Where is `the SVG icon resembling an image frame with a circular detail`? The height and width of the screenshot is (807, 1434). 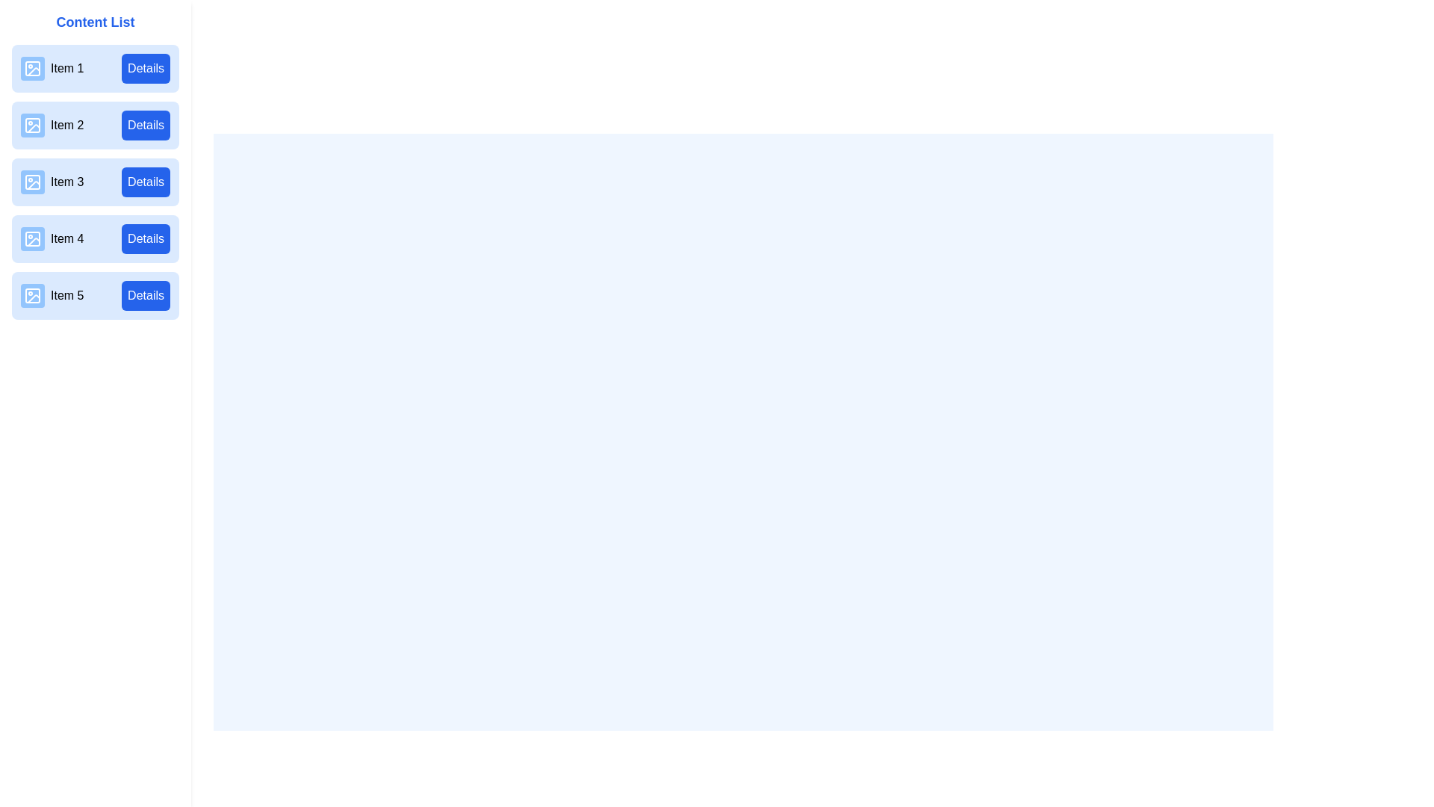
the SVG icon resembling an image frame with a circular detail is located at coordinates (32, 238).